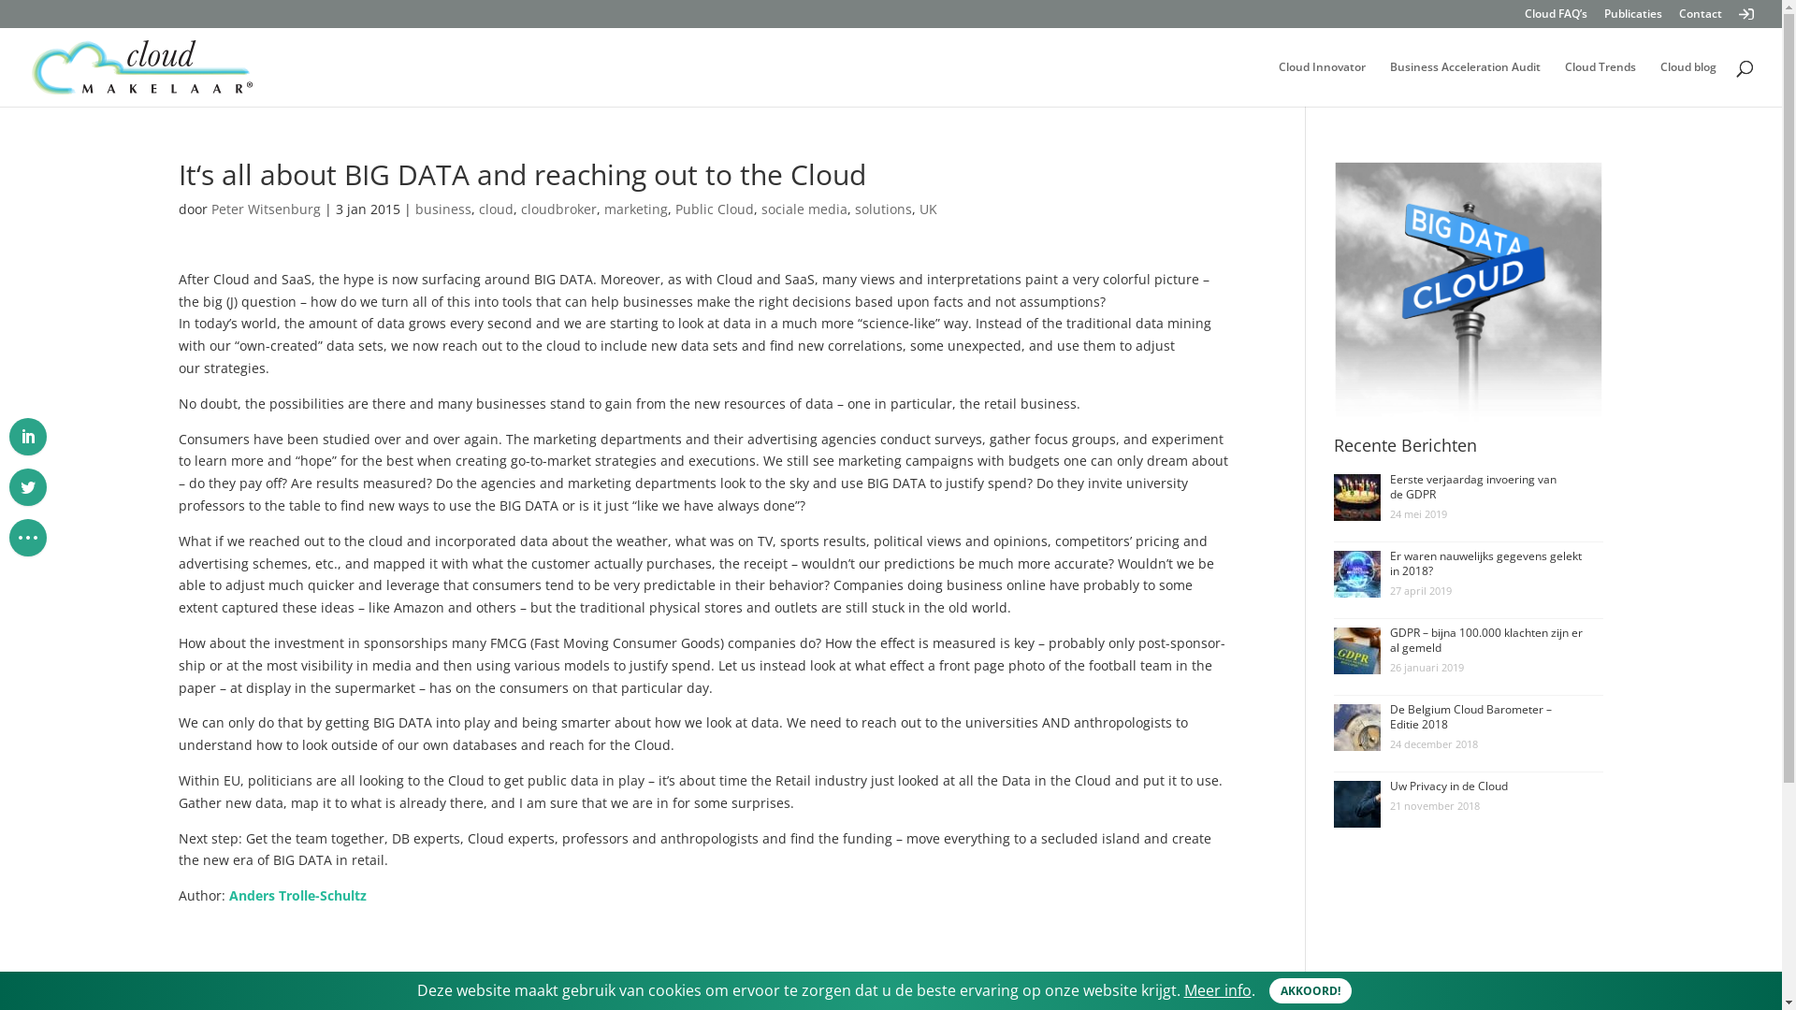  What do you see at coordinates (636, 209) in the screenshot?
I see `'marketing'` at bounding box center [636, 209].